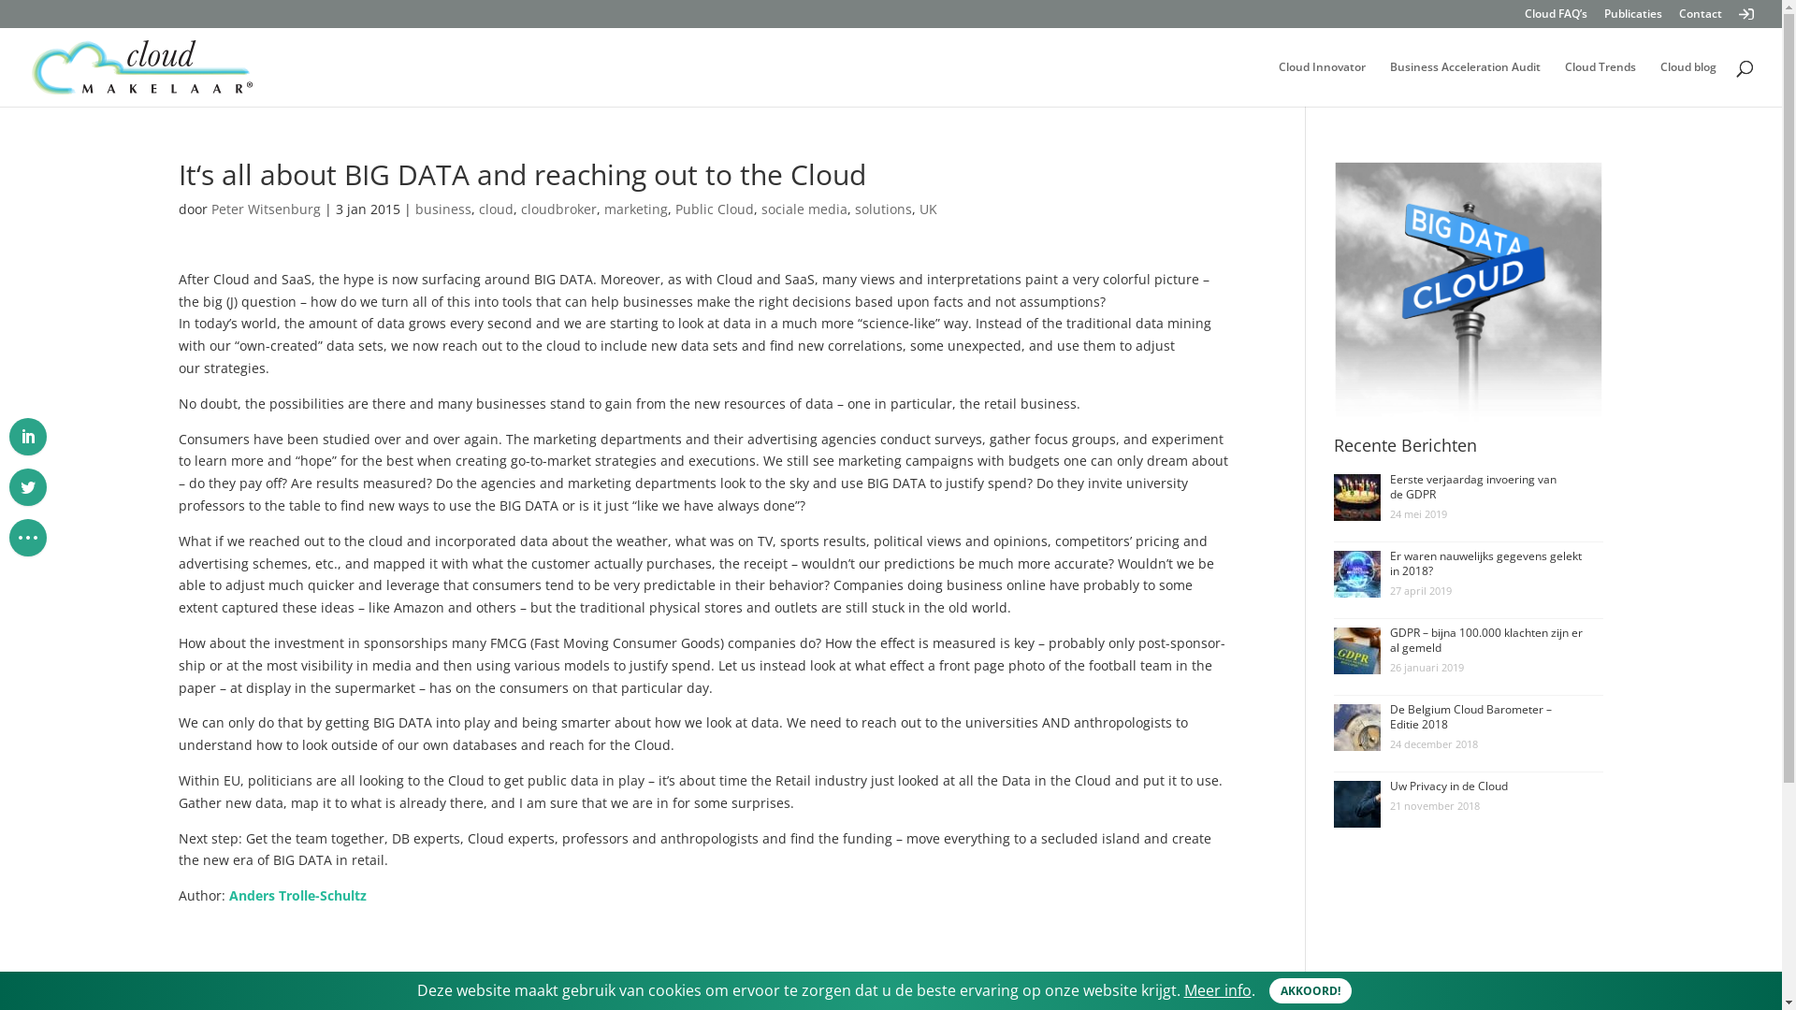  What do you see at coordinates (636, 209) in the screenshot?
I see `'marketing'` at bounding box center [636, 209].